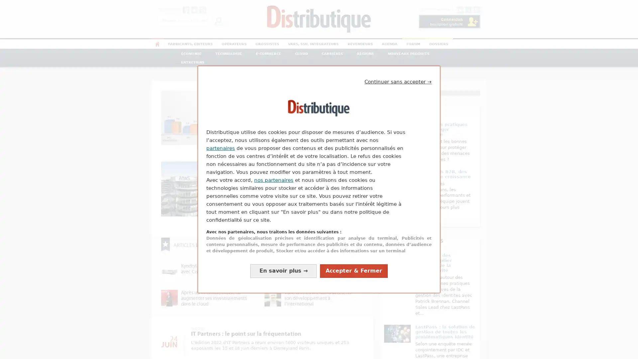 The width and height of the screenshot is (638, 359). I want to click on Ok, so click(218, 20).